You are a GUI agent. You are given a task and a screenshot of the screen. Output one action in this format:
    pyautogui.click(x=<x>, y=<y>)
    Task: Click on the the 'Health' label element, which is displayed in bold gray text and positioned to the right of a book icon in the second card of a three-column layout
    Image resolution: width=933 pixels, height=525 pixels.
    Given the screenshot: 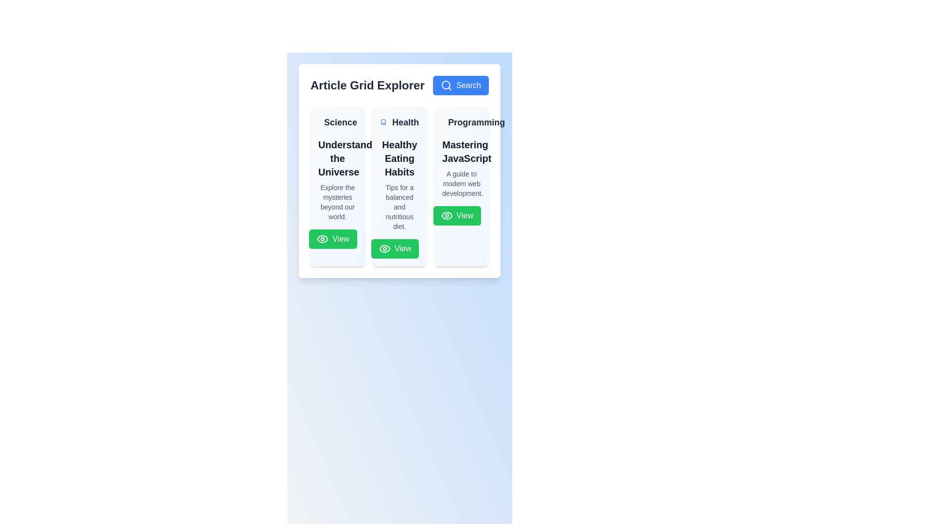 What is the action you would take?
    pyautogui.click(x=405, y=122)
    